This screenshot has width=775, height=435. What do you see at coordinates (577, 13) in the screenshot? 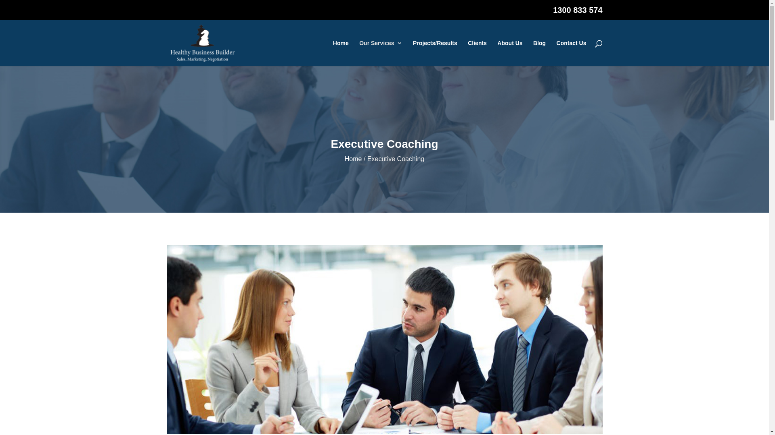
I see `'1300 833 574'` at bounding box center [577, 13].